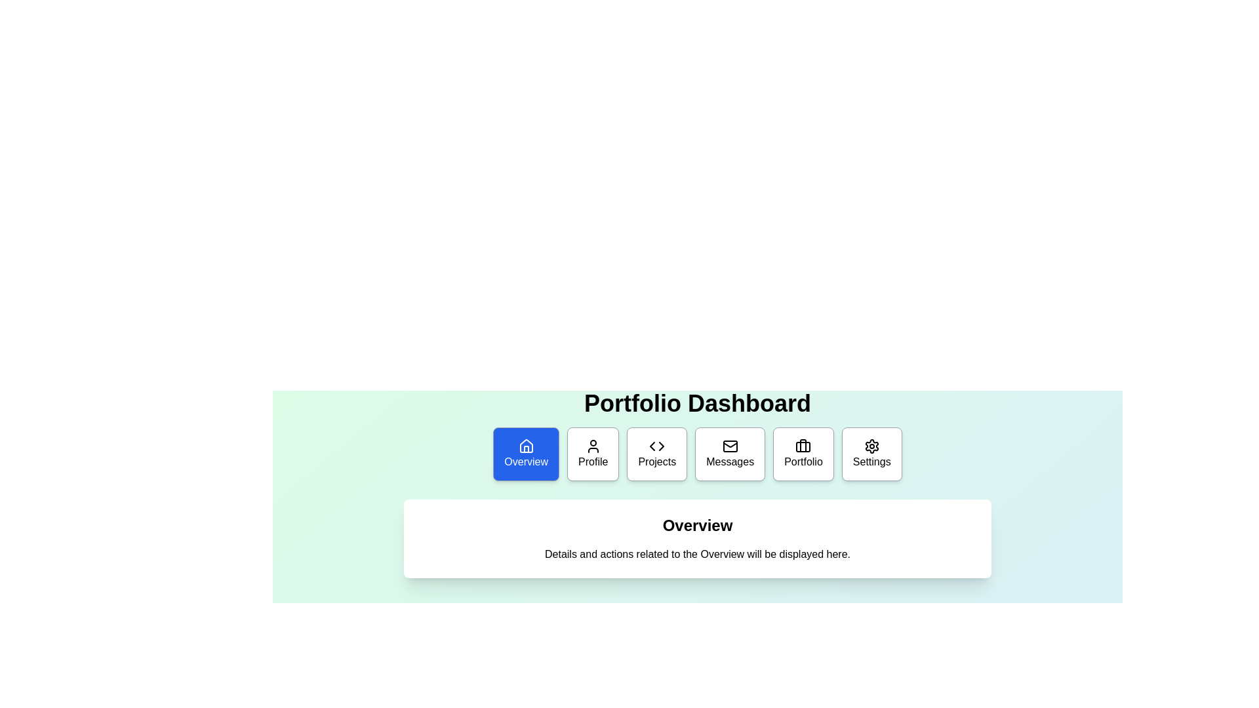  Describe the element at coordinates (697, 454) in the screenshot. I see `an item in the centered navigation menu below the 'Portfolio Dashboard' heading to trigger hover effects` at that location.